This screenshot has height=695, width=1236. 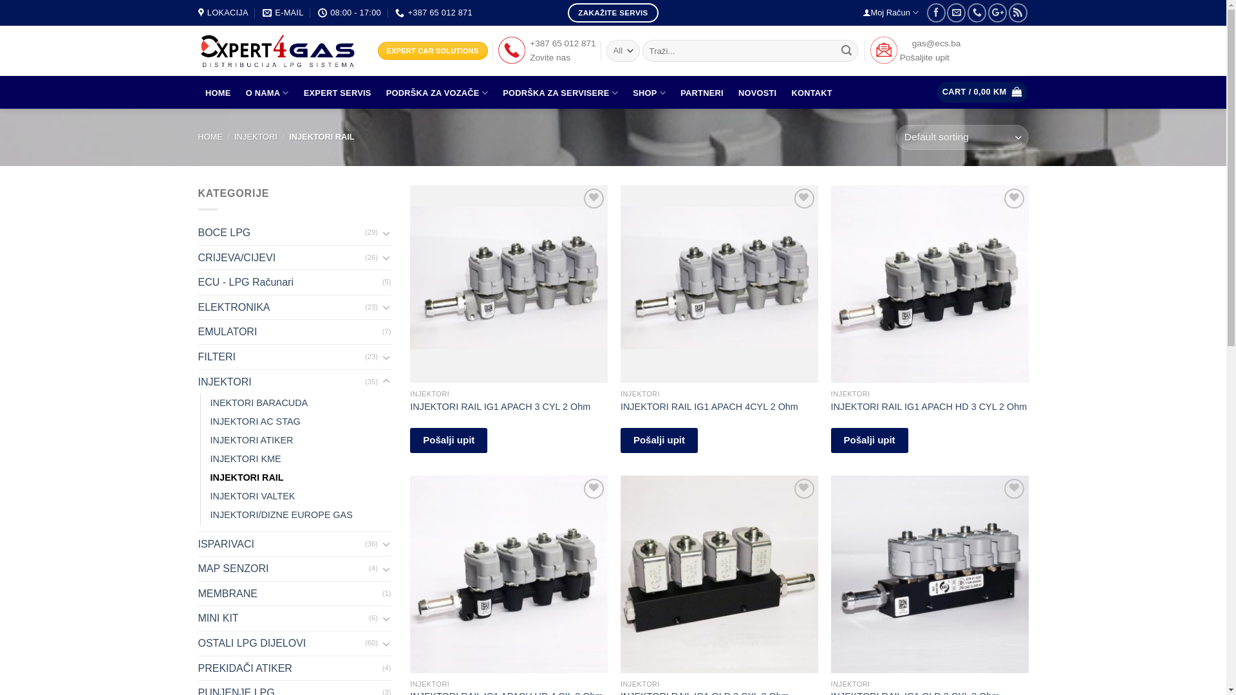 I want to click on 'INJEKTORI AC STAG', so click(x=210, y=422).